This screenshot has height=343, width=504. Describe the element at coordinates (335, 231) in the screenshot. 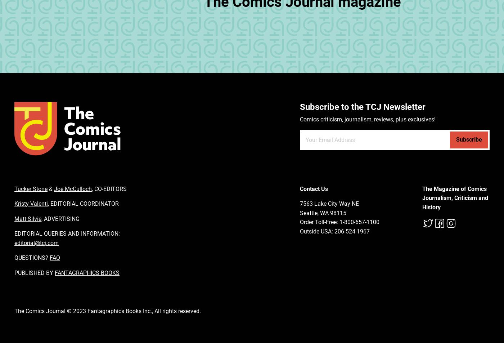

I see `'Outside USA: 206-524-1967'` at that location.